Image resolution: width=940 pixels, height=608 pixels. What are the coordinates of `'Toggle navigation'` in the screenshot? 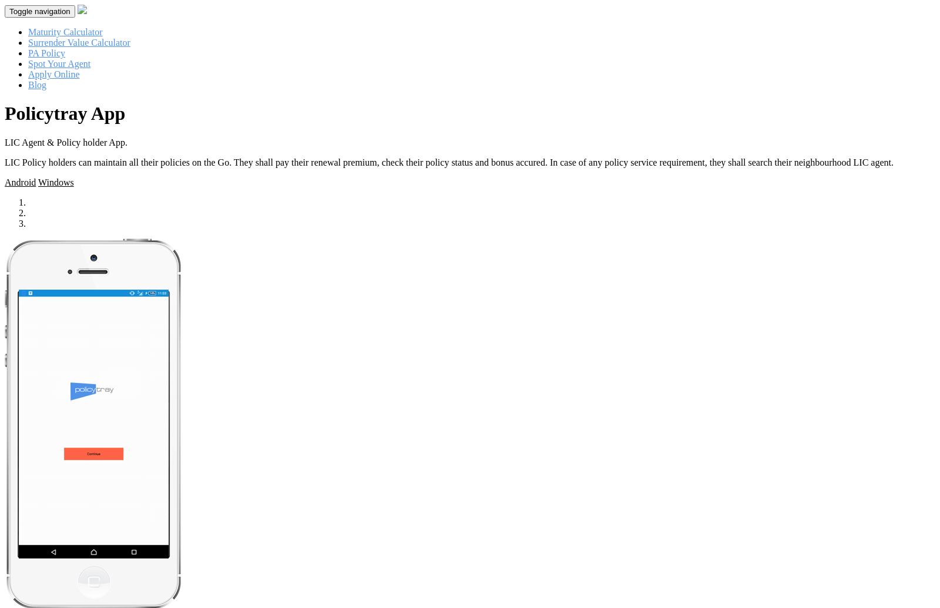 It's located at (39, 11).